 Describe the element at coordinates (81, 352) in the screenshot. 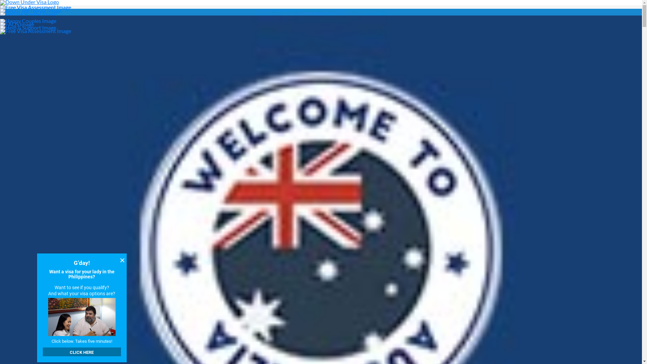

I see `'CLICK HERE'` at that location.